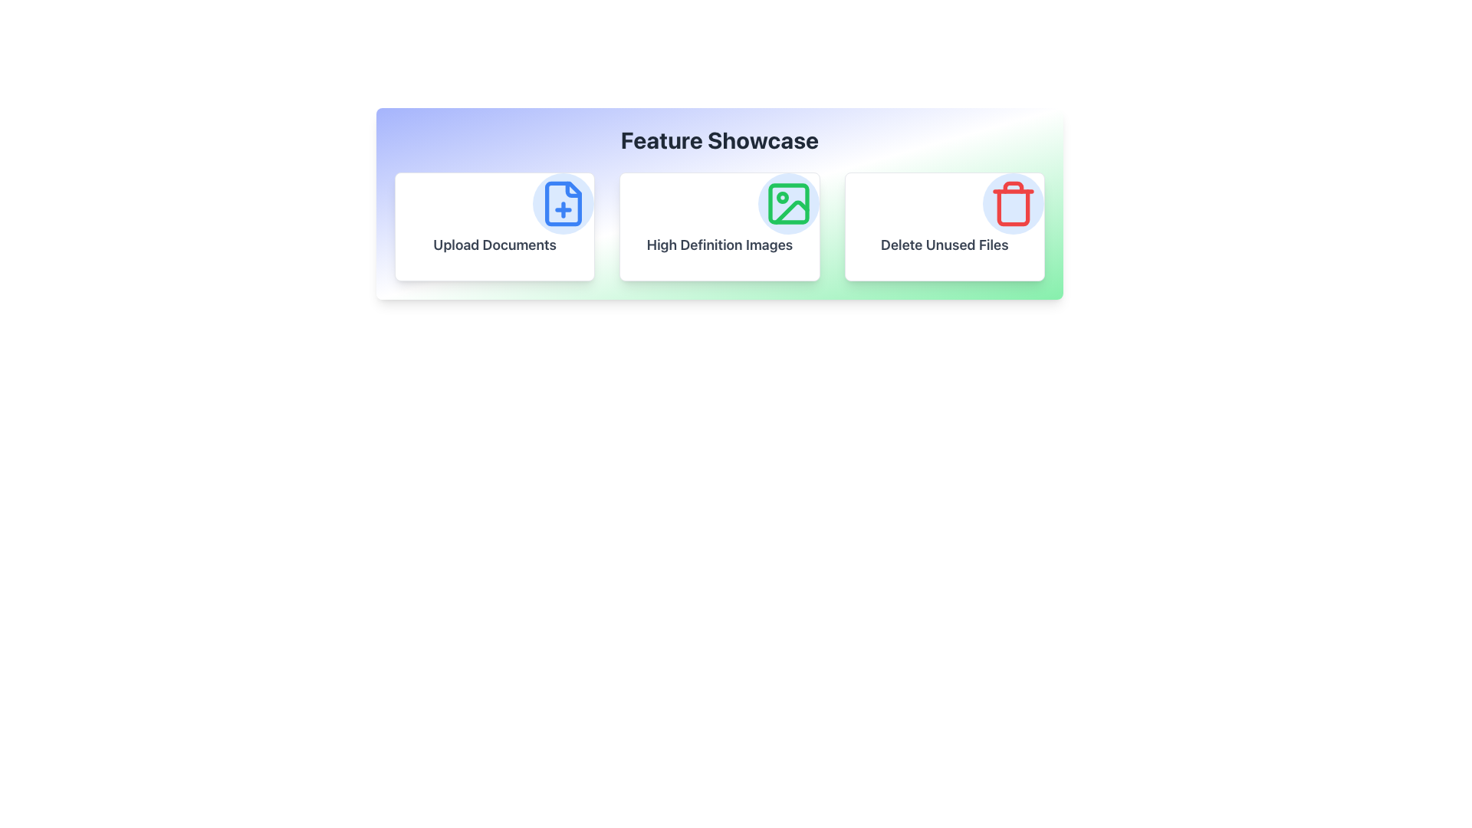 The height and width of the screenshot is (828, 1472). Describe the element at coordinates (944, 245) in the screenshot. I see `the text label that describes the feature for deleting unused files, located centrally beneath the trash can icon in the rightmost card of the feature cards` at that location.